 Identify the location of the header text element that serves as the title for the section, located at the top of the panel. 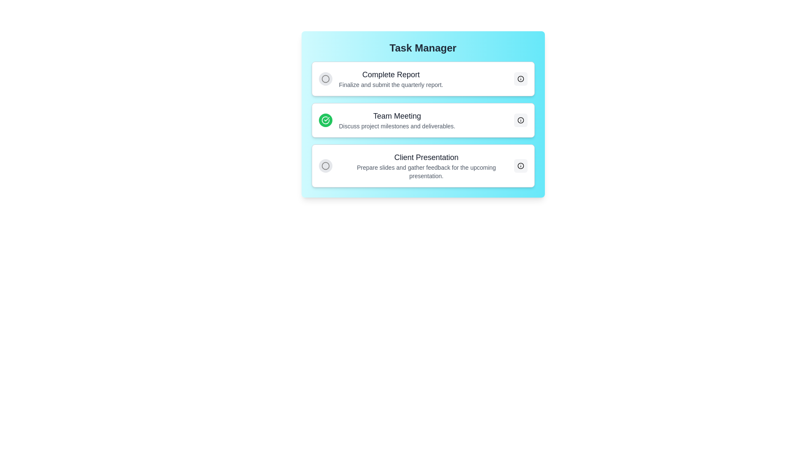
(423, 48).